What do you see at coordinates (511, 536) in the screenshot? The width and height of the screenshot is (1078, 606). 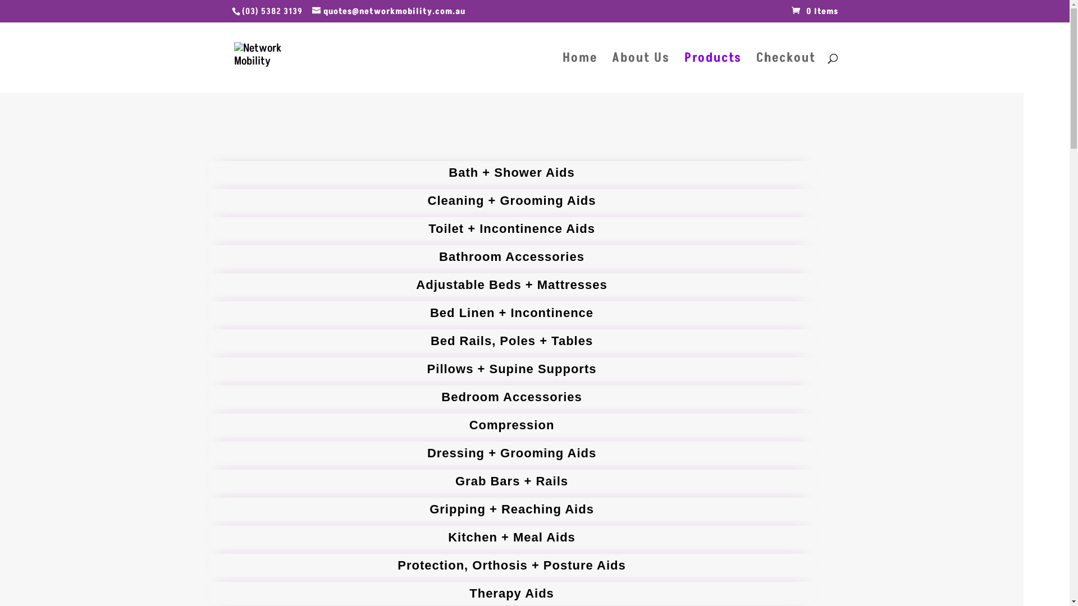 I see `'Kitchen + Meal Aids'` at bounding box center [511, 536].